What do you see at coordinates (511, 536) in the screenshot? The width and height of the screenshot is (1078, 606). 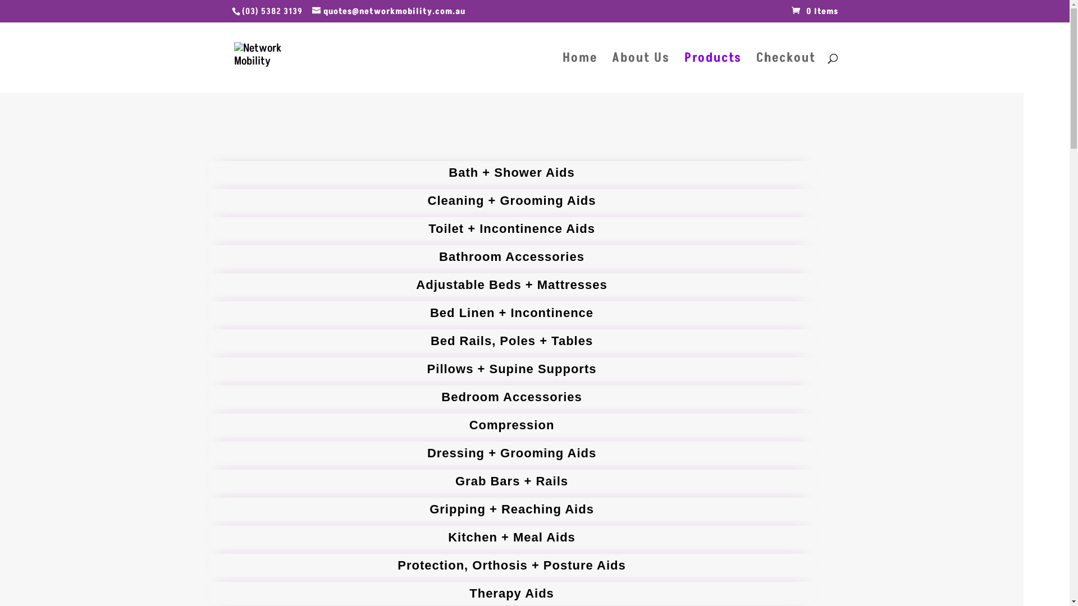 I see `'Kitchen + Meal Aids'` at bounding box center [511, 536].